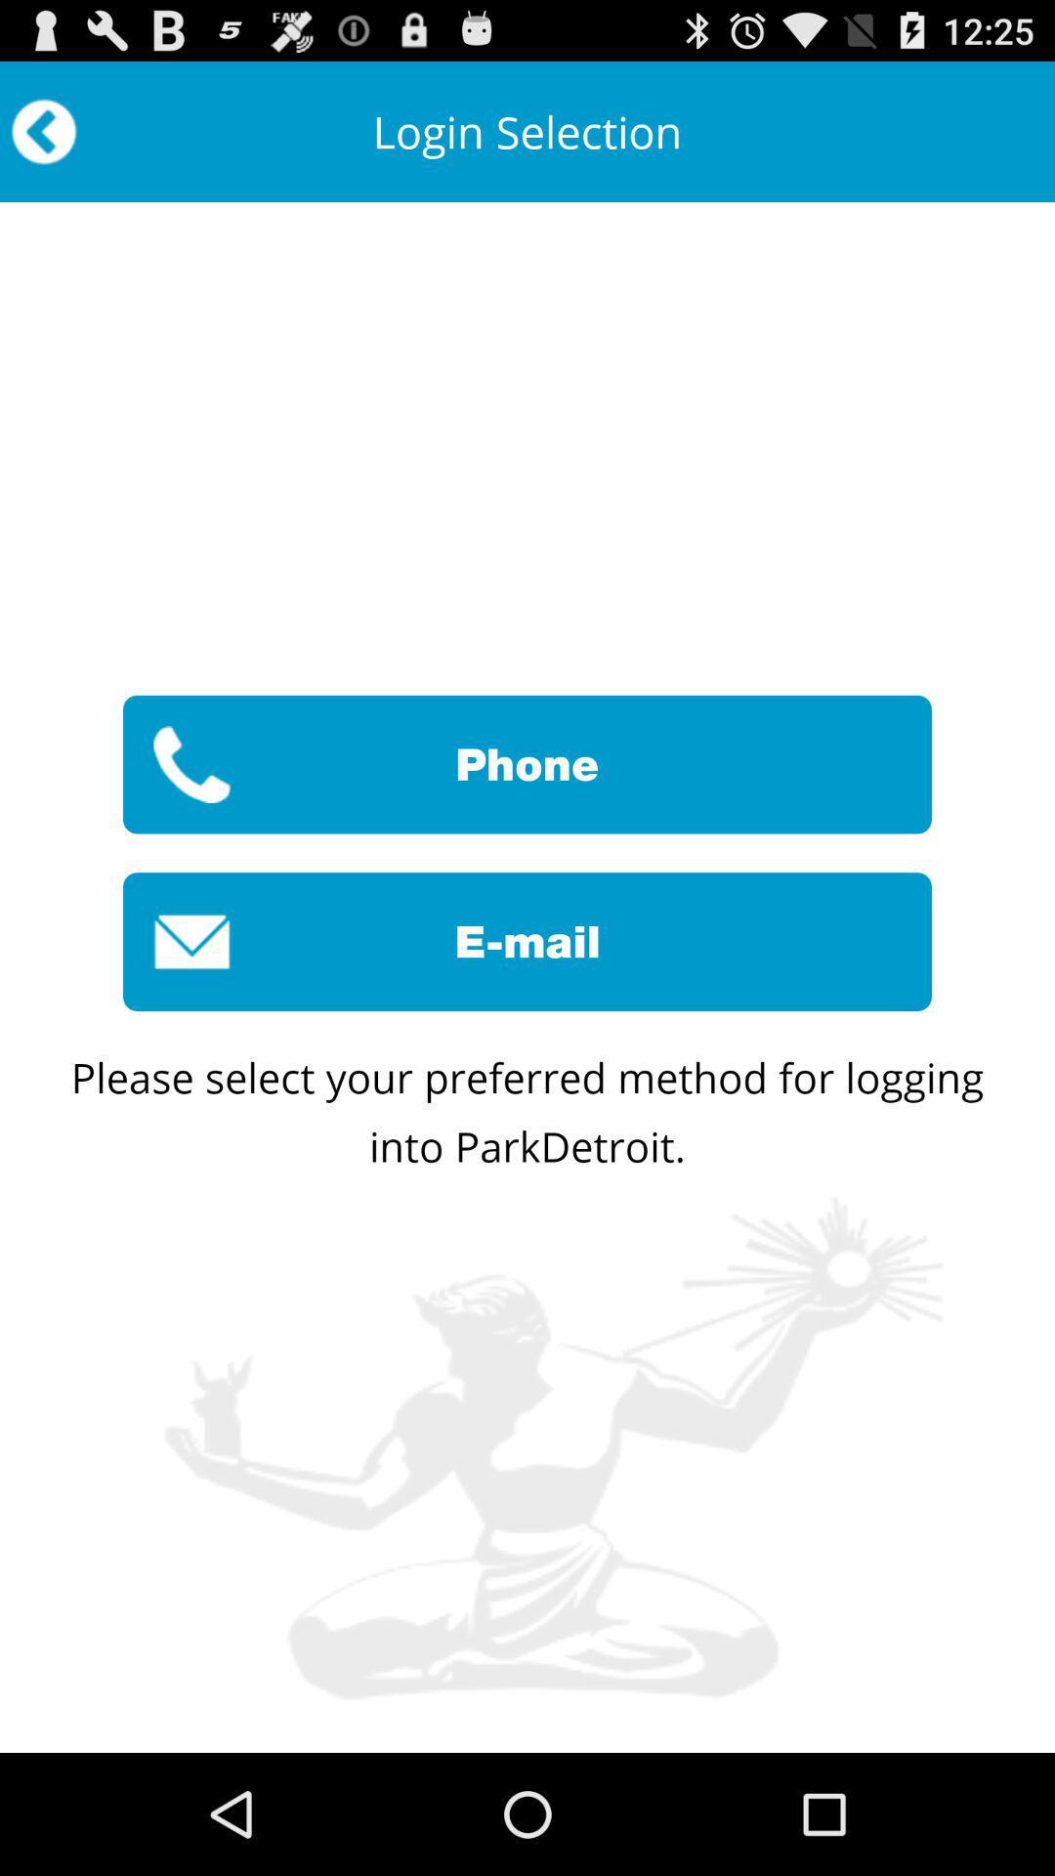 Image resolution: width=1055 pixels, height=1876 pixels. Describe the element at coordinates (44, 140) in the screenshot. I see `the arrow_backward icon` at that location.